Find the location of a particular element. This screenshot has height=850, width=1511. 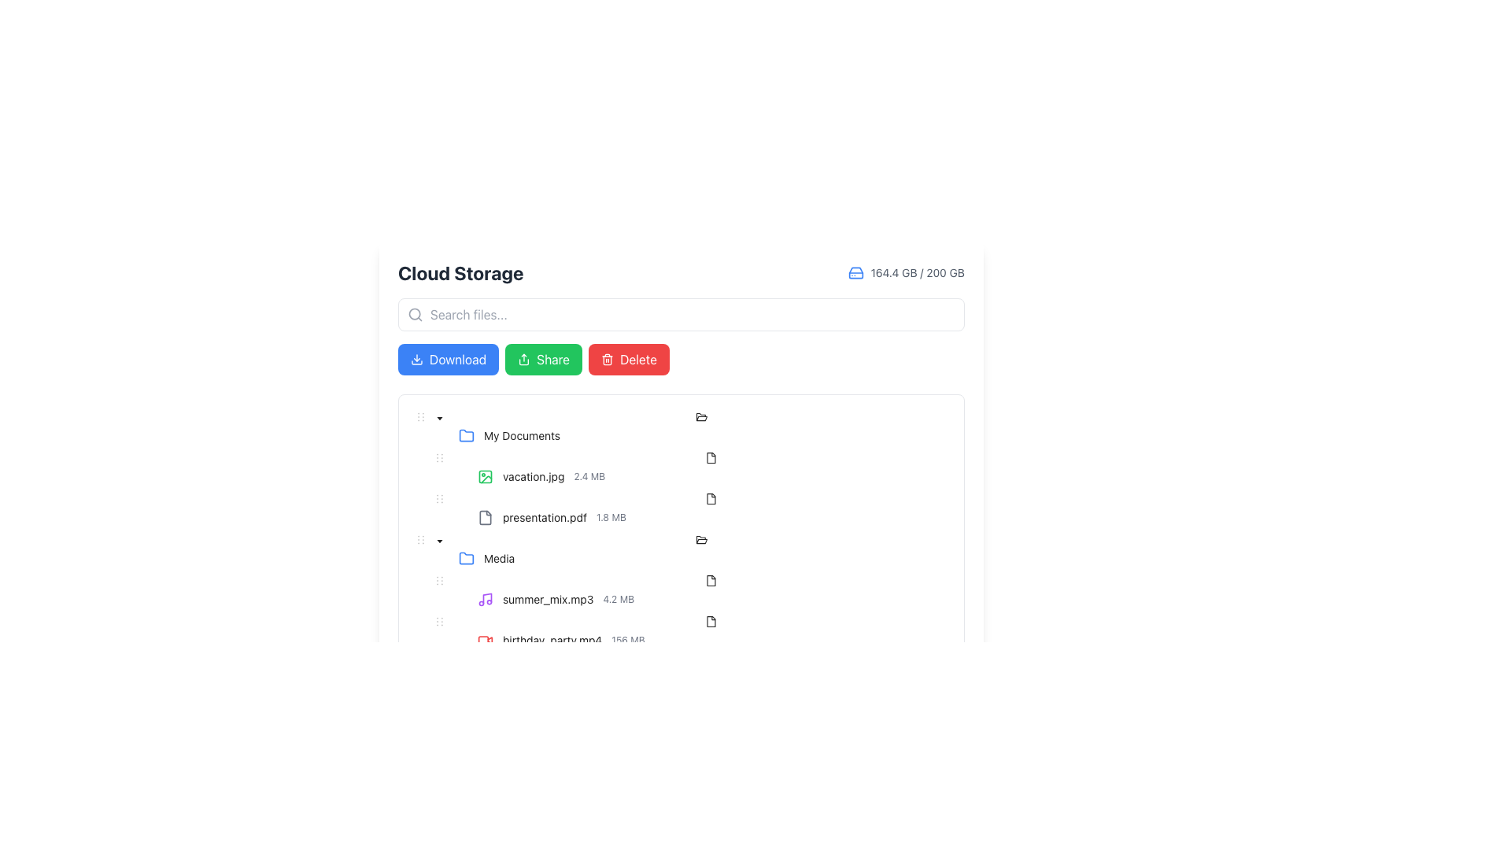

the document icon representing 'presentation.pdf', which indicates the file type in the file management system is located at coordinates (485, 518).